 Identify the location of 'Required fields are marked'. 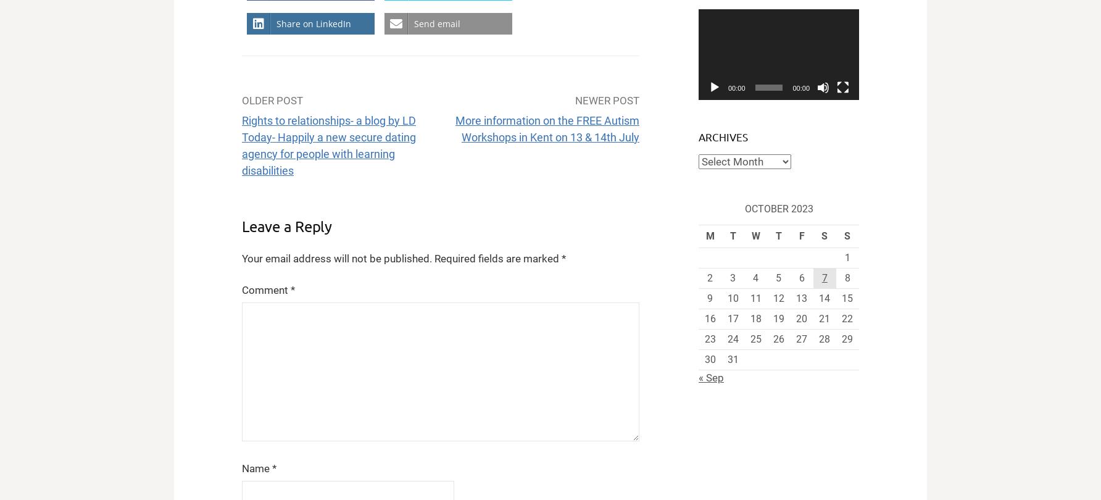
(434, 259).